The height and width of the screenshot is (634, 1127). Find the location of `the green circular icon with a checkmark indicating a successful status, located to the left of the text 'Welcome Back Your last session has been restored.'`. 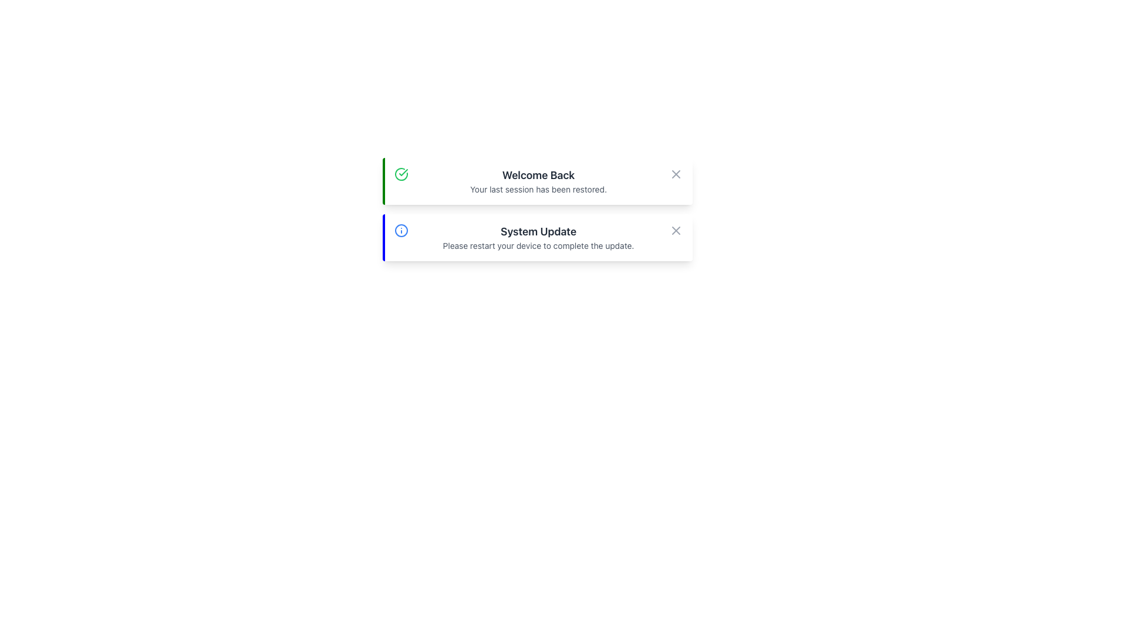

the green circular icon with a checkmark indicating a successful status, located to the left of the text 'Welcome Back Your last session has been restored.' is located at coordinates (401, 174).